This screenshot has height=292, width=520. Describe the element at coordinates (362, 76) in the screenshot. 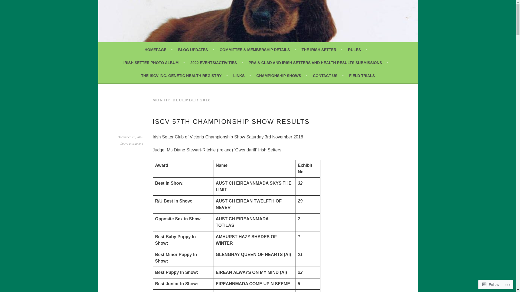

I see `'FIELD TRIALS'` at that location.